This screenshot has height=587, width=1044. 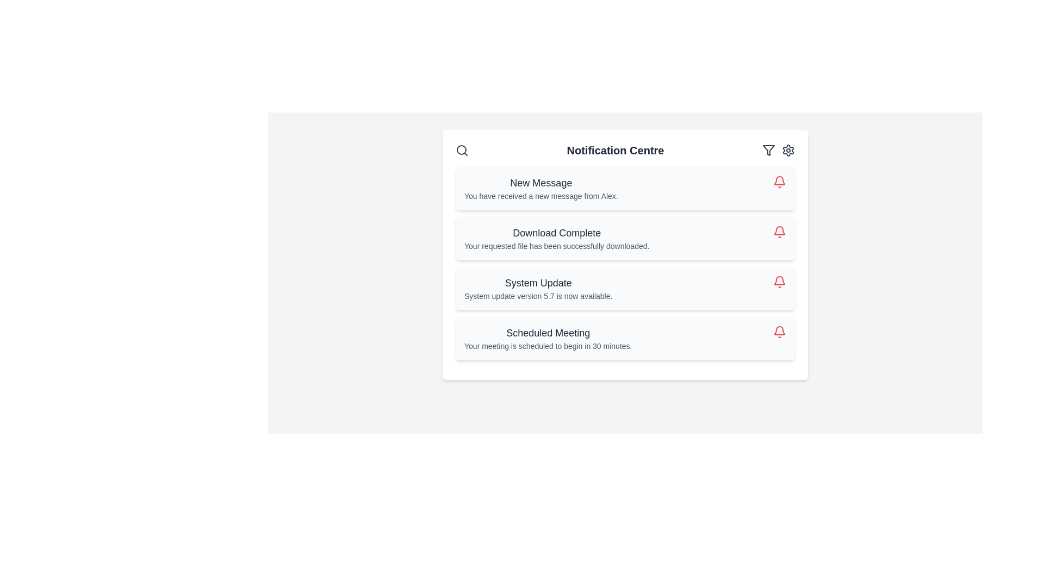 I want to click on the static informational text located below the 'System Update' title in the notification card, so click(x=538, y=296).